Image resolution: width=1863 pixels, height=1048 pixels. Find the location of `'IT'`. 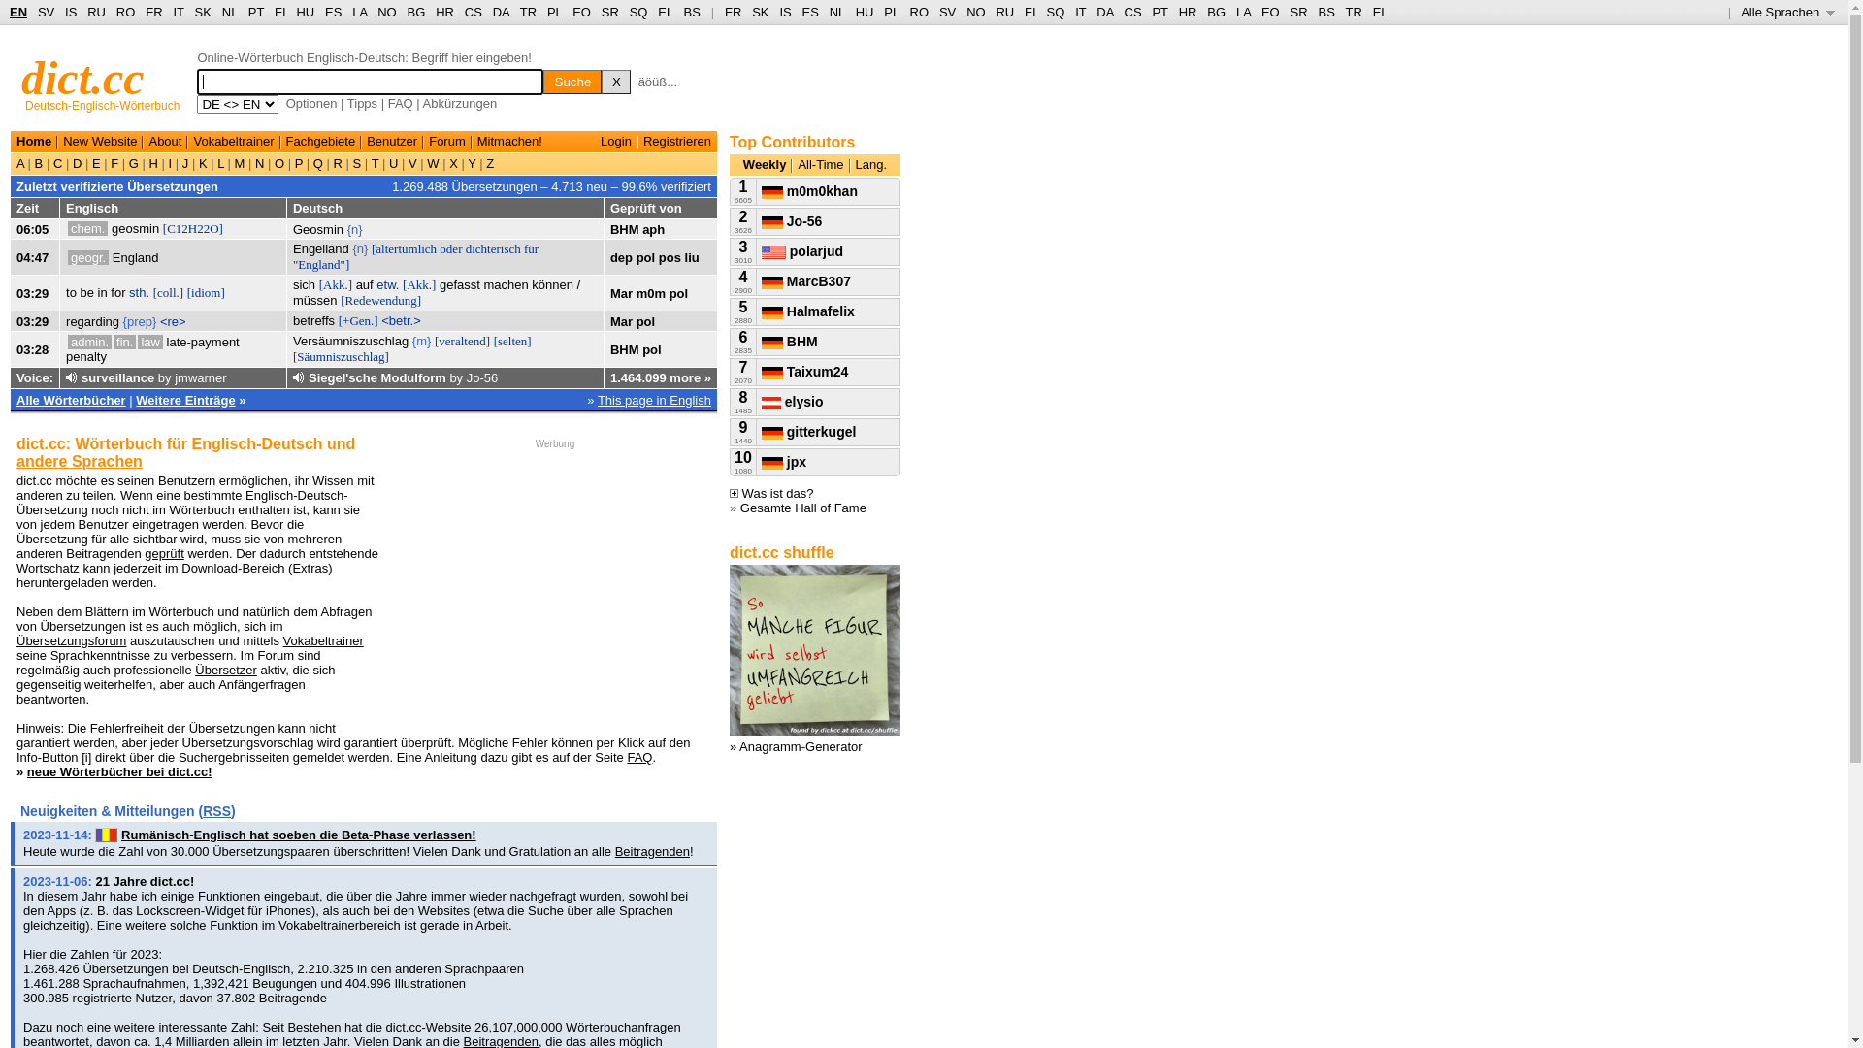

'IT' is located at coordinates (178, 12).